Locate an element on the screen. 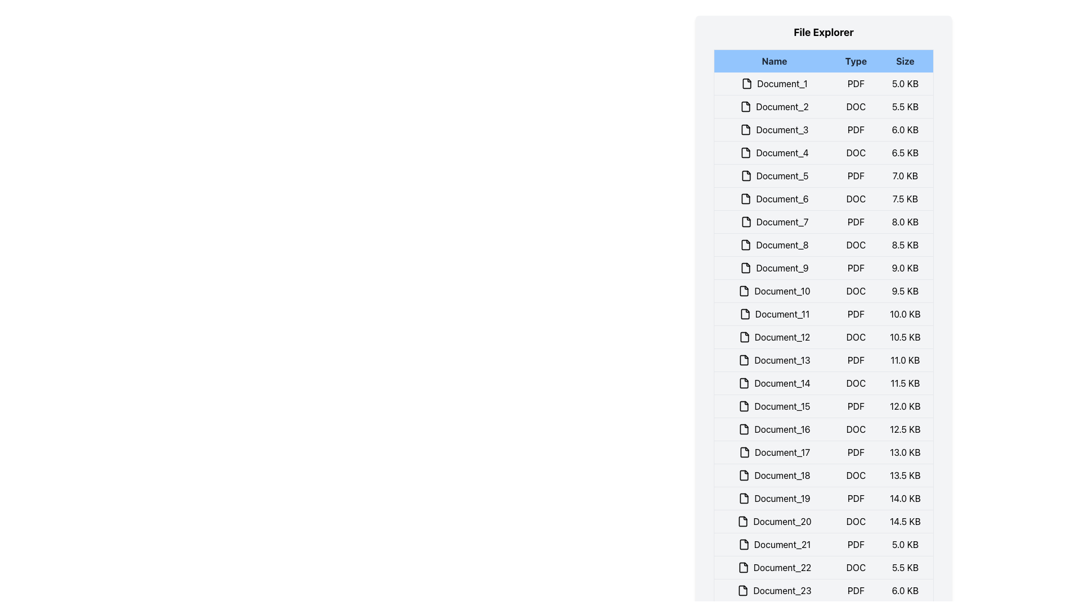  the SVG icon resembling a folded file located to the left of the text 'Document_3' within the file explorer is located at coordinates (746, 129).